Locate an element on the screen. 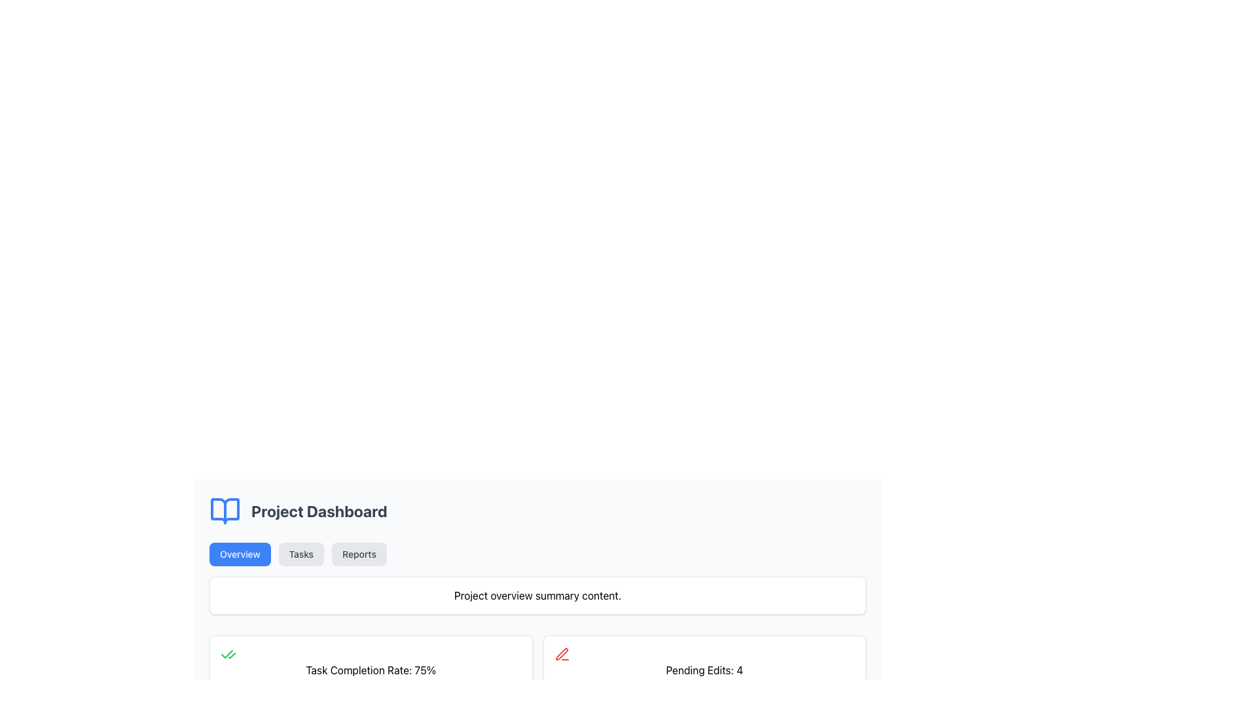 This screenshot has height=707, width=1257. the rounded rectangular blue button labeled 'Overview' is located at coordinates (240, 554).